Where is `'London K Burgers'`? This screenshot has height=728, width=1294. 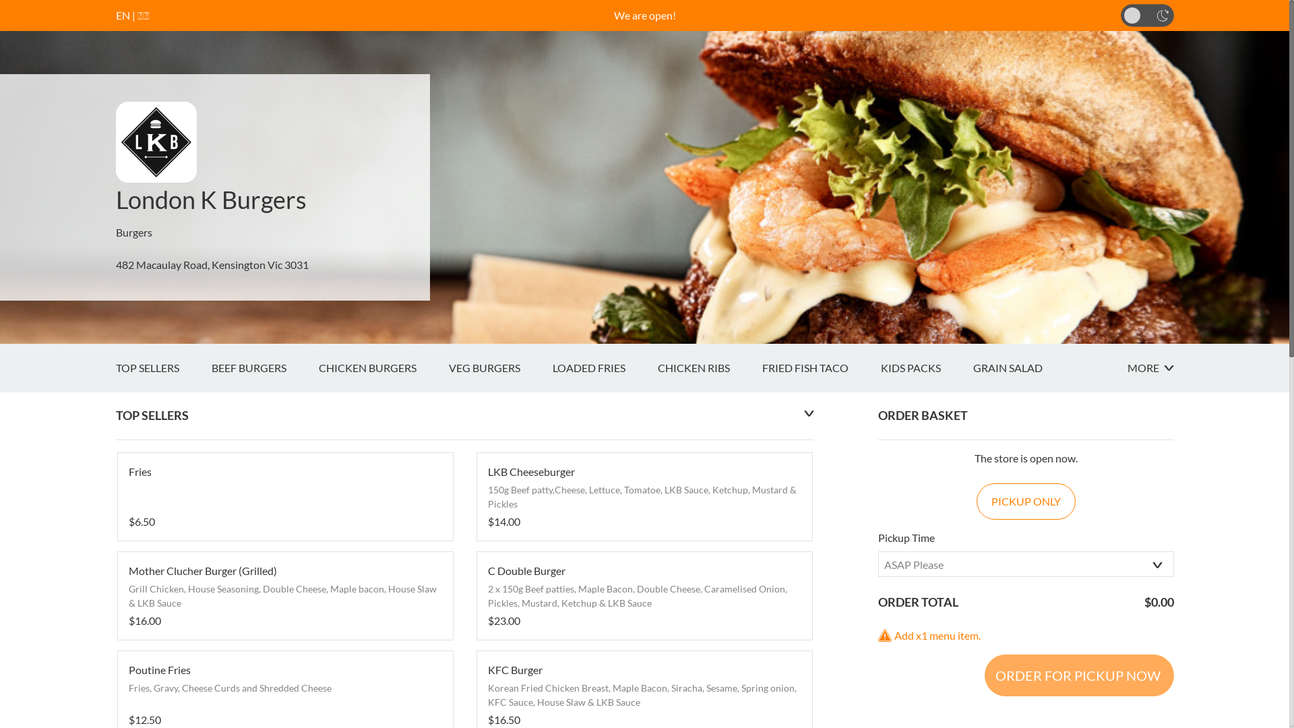 'London K Burgers' is located at coordinates (210, 200).